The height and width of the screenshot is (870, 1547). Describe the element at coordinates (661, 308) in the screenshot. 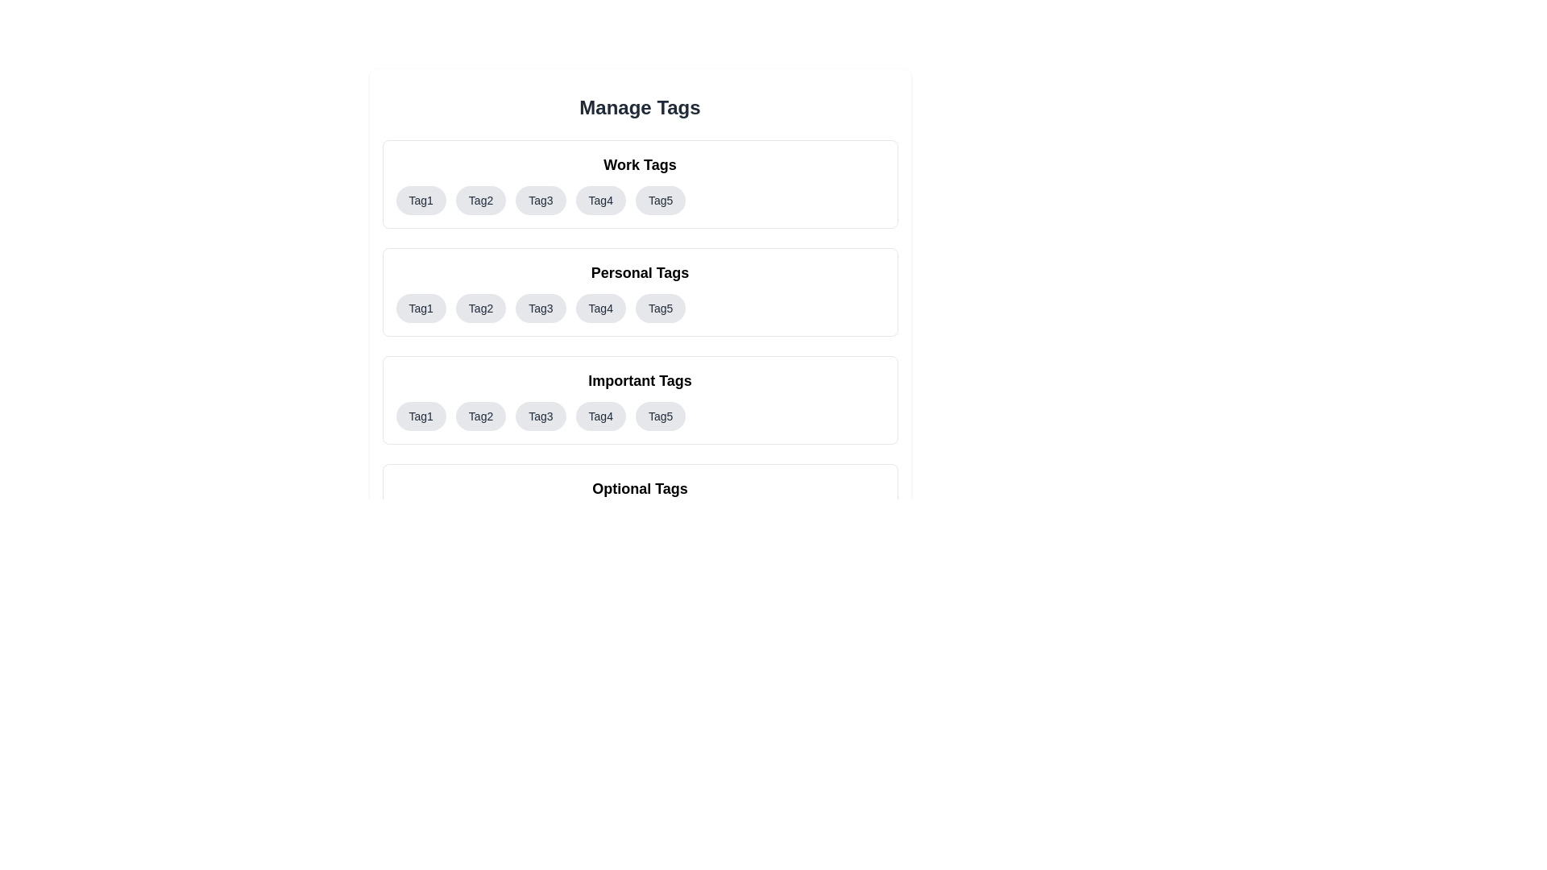

I see `the fifth tag in the 'Personal Tags' group` at that location.